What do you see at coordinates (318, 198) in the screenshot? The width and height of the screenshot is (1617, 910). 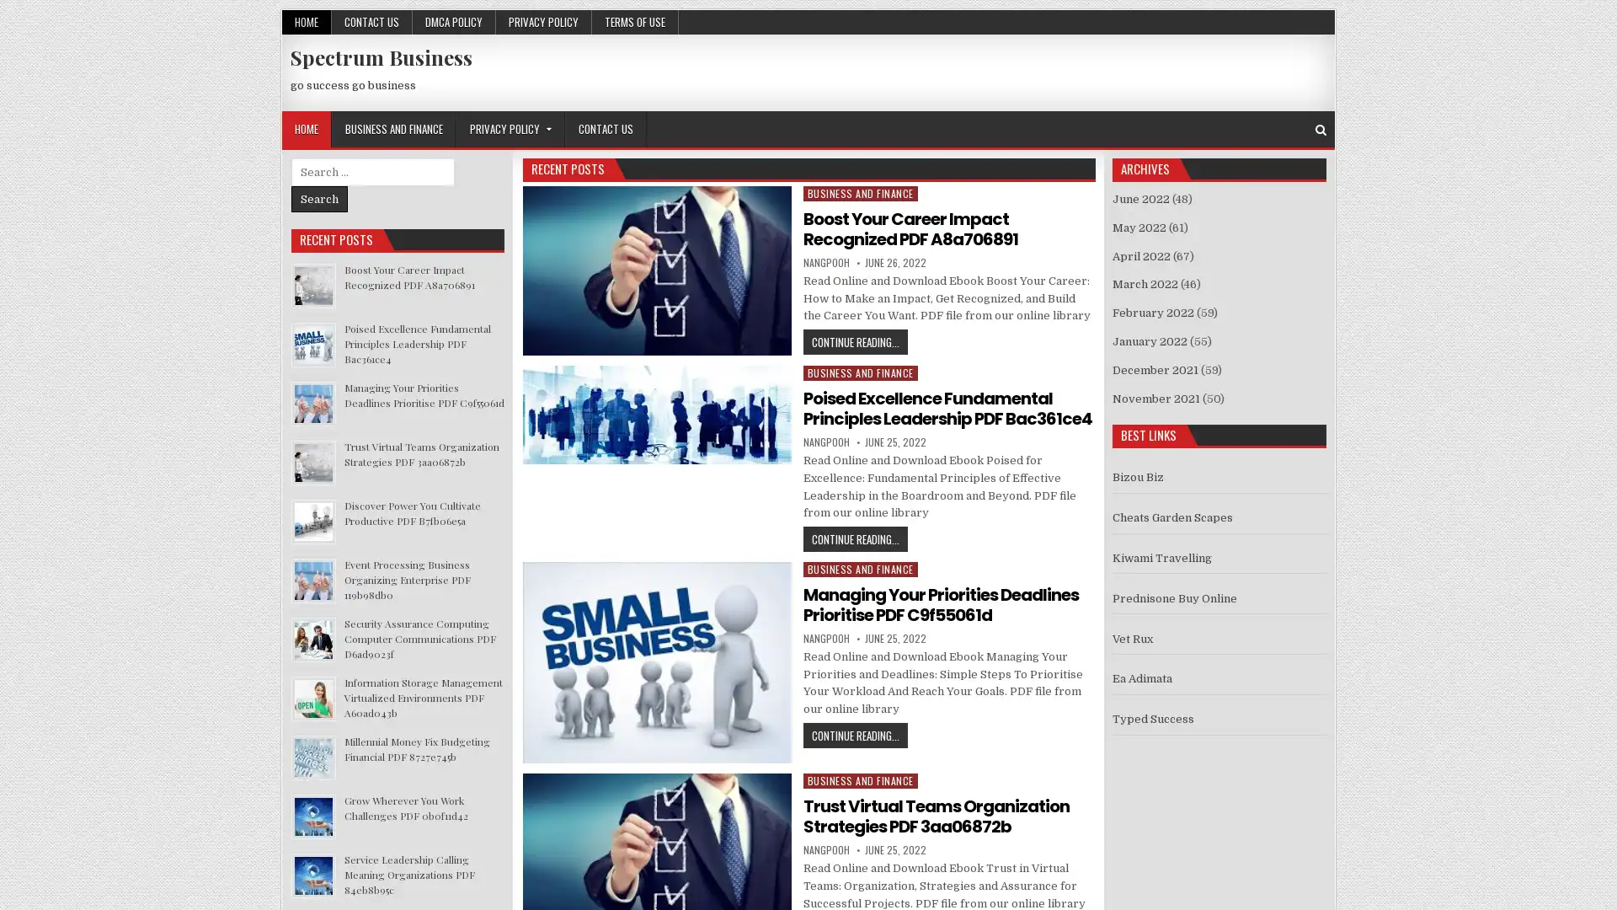 I see `Search` at bounding box center [318, 198].